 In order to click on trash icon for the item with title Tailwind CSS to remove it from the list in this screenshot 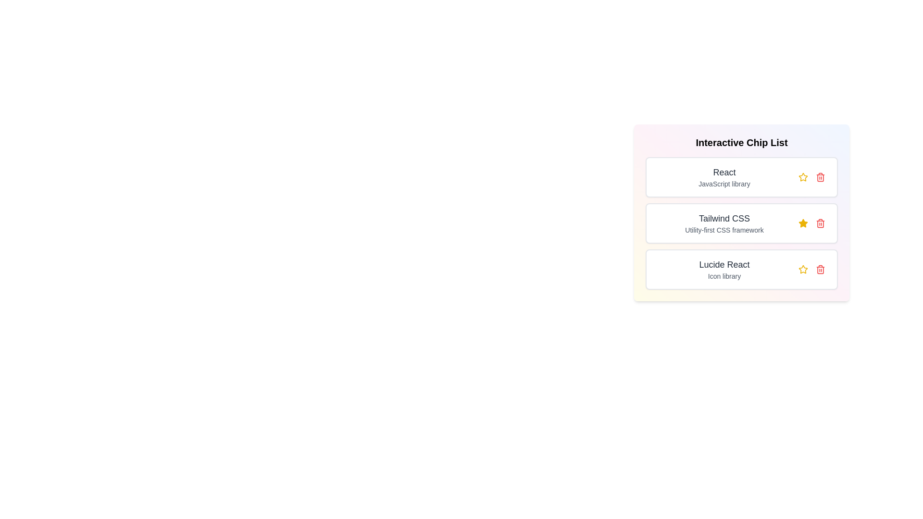, I will do `click(820, 223)`.